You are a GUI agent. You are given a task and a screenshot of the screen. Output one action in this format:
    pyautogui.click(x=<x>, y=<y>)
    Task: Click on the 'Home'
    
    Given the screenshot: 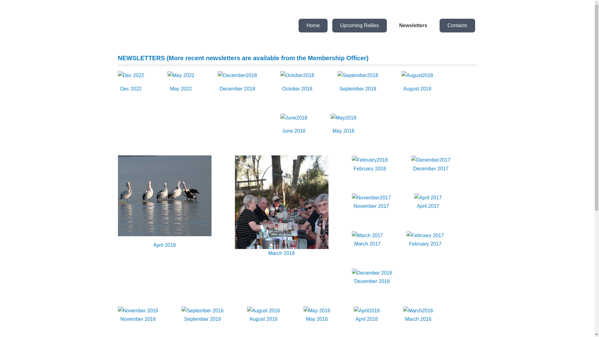 What is the action you would take?
    pyautogui.click(x=313, y=25)
    